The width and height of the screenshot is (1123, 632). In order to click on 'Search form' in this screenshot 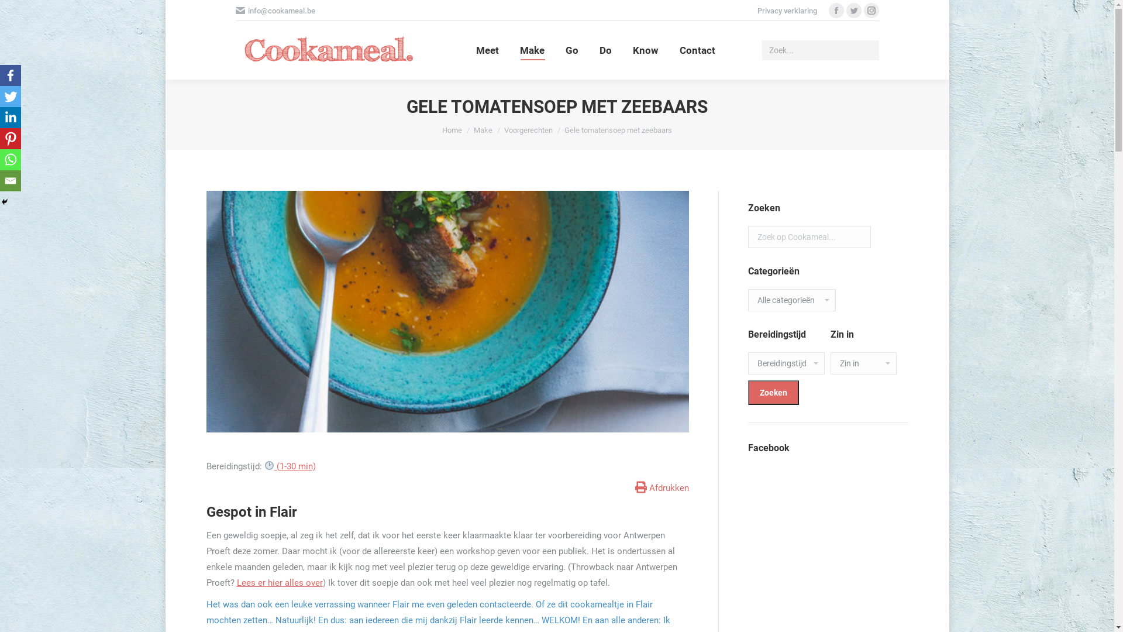, I will do `click(819, 49)`.